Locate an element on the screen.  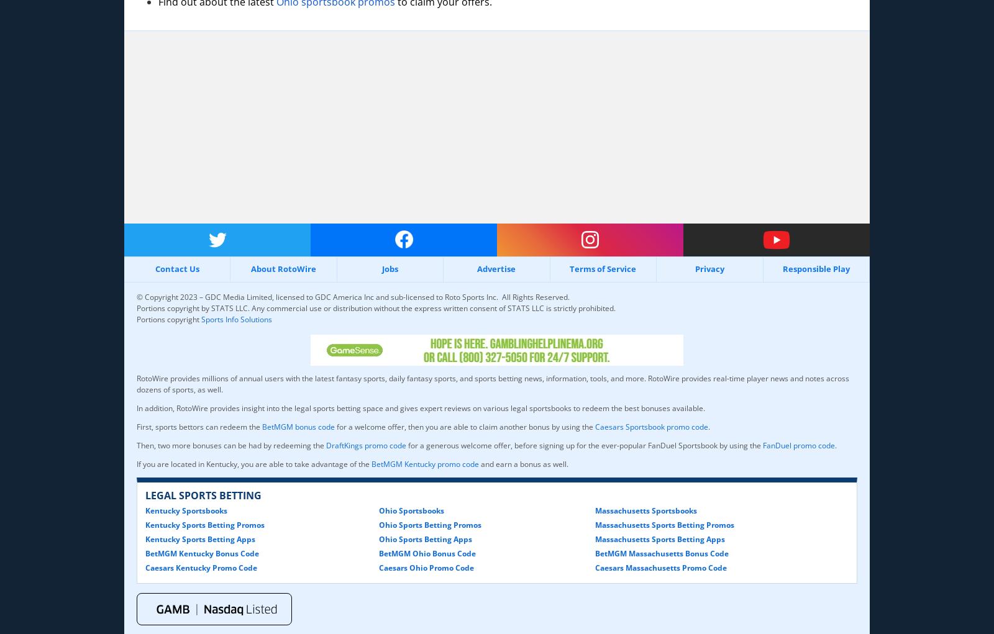
'BetMGM bonus code' is located at coordinates (298, 426).